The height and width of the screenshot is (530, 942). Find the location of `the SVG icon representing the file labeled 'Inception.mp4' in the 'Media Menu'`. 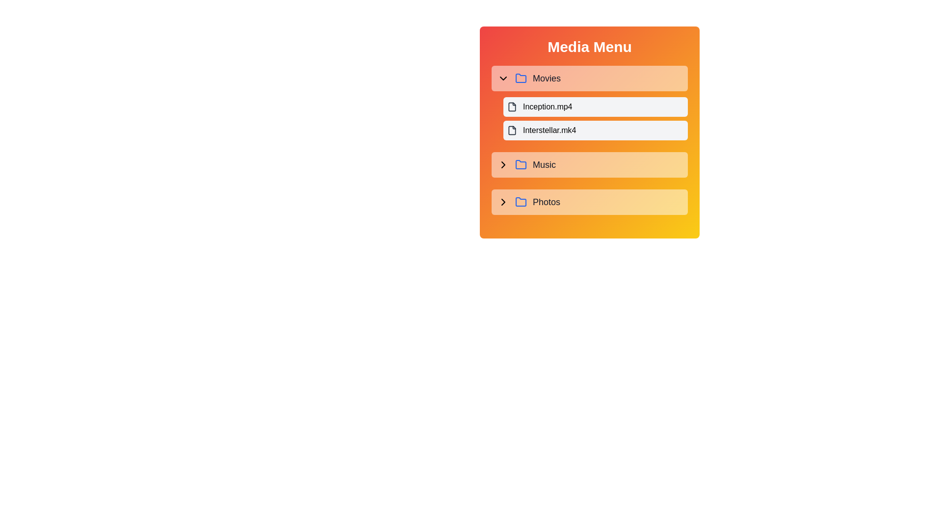

the SVG icon representing the file labeled 'Inception.mp4' in the 'Media Menu' is located at coordinates (511, 107).